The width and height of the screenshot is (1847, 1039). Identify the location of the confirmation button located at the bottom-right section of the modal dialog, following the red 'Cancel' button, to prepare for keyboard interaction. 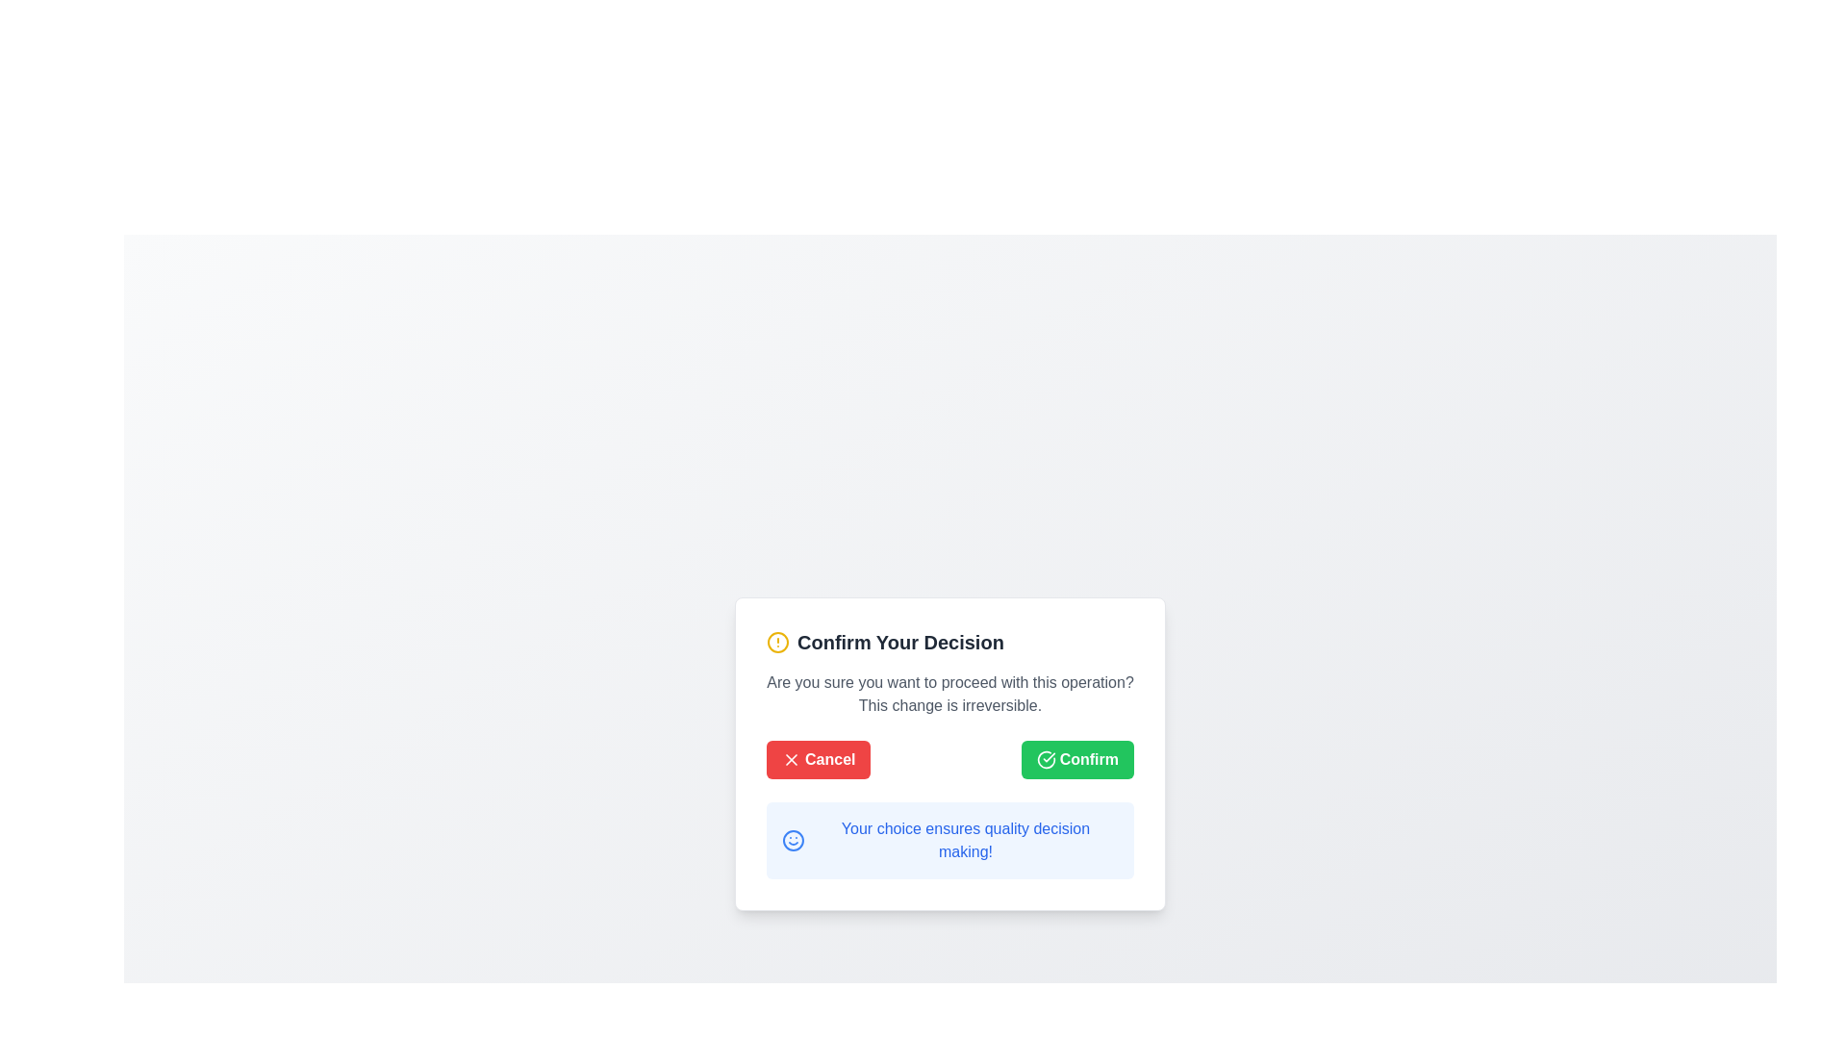
(1077, 759).